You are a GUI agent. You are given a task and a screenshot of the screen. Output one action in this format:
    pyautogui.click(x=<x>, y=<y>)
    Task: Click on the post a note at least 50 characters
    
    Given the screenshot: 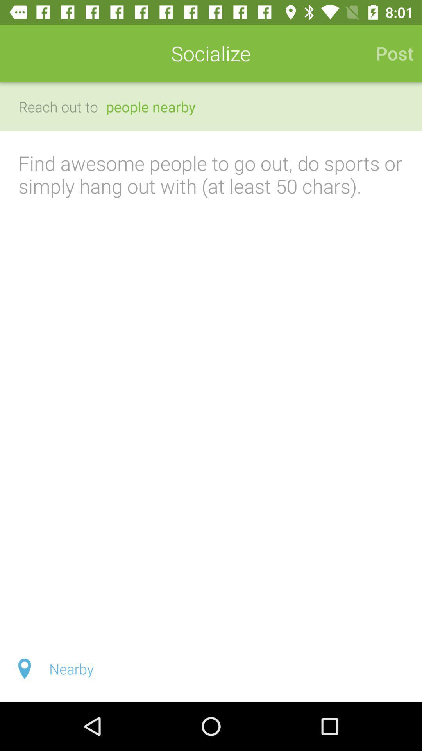 What is the action you would take?
    pyautogui.click(x=211, y=383)
    